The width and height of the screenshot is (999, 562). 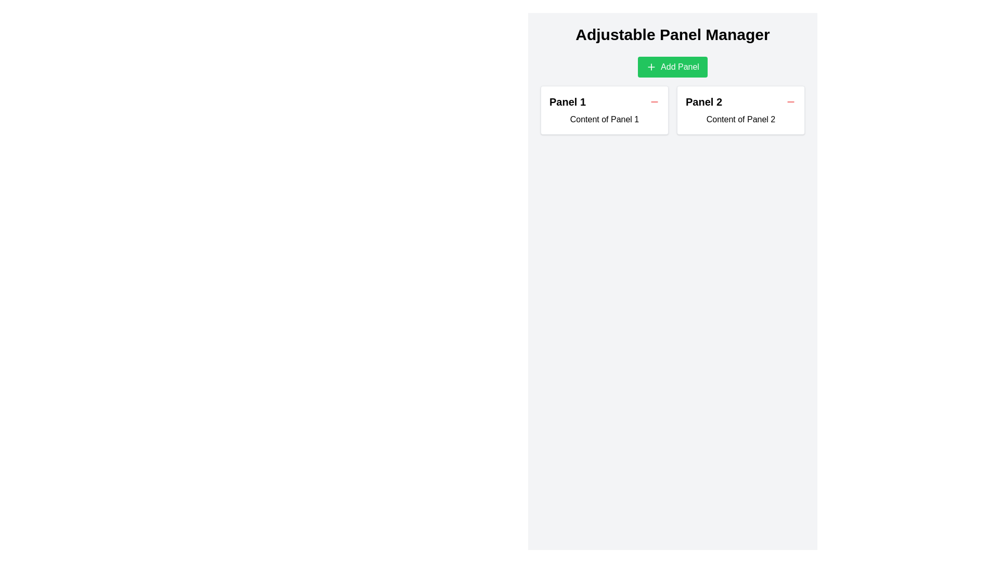 What do you see at coordinates (654, 102) in the screenshot?
I see `the button located` at bounding box center [654, 102].